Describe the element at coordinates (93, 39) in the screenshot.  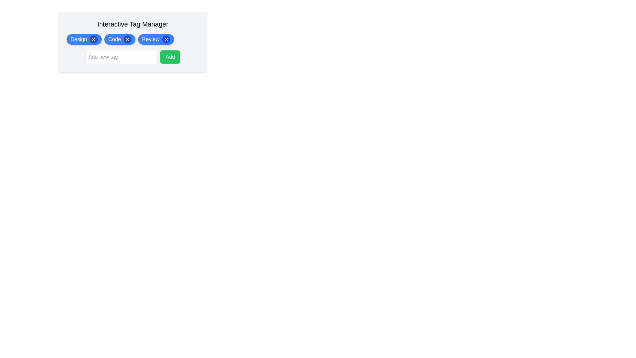
I see `the close icon button located to the right of the 'Design' tag` at that location.